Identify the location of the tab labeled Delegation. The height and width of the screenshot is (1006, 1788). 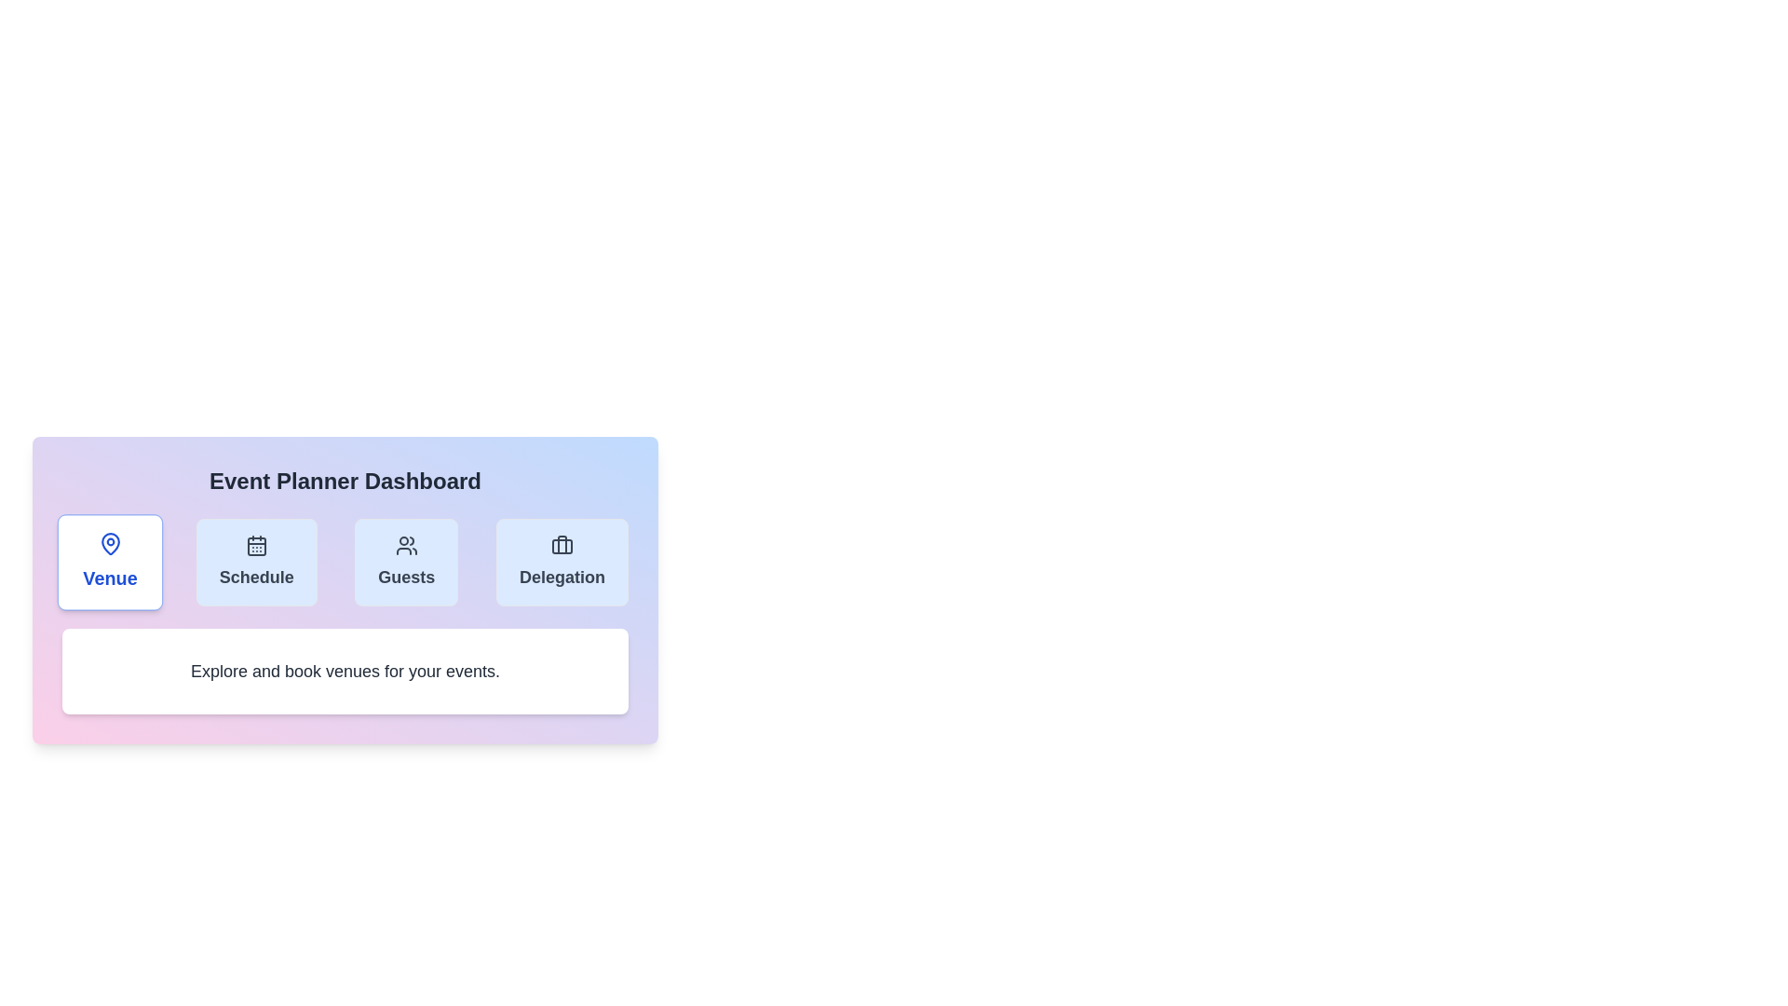
(561, 562).